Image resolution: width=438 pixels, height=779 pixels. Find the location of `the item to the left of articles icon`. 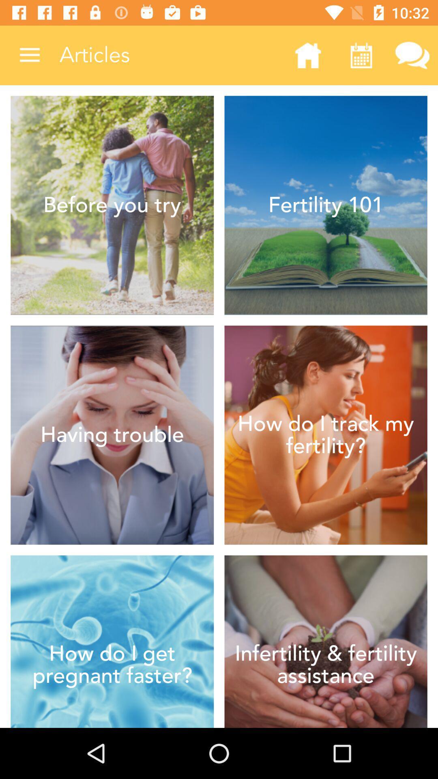

the item to the left of articles icon is located at coordinates (29, 55).